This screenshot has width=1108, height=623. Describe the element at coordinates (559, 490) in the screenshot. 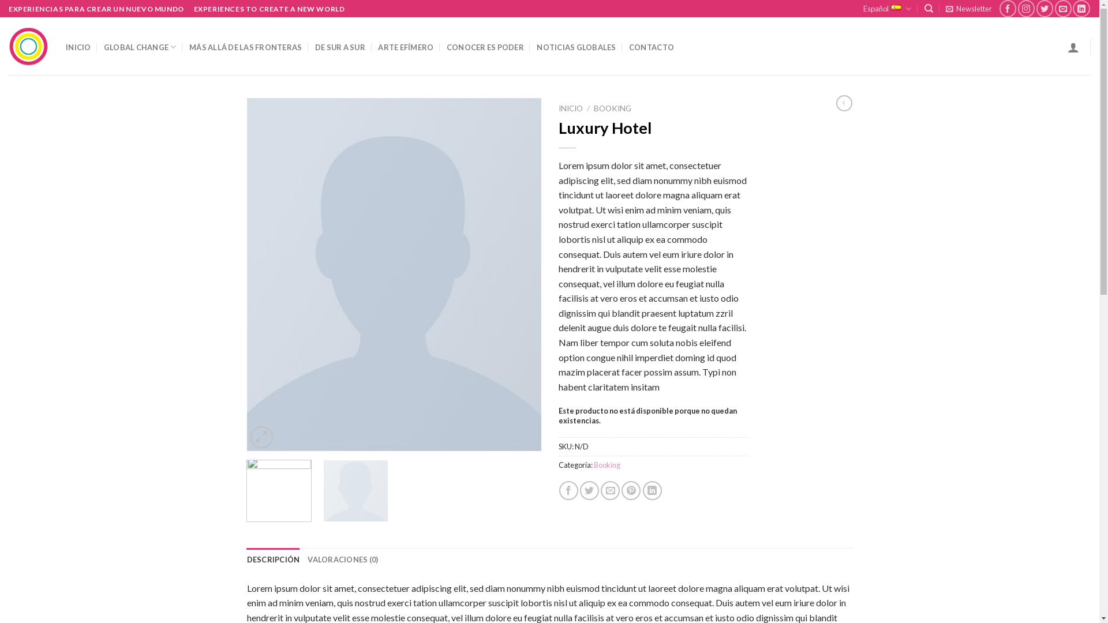

I see `'Compartir en Facebook'` at that location.